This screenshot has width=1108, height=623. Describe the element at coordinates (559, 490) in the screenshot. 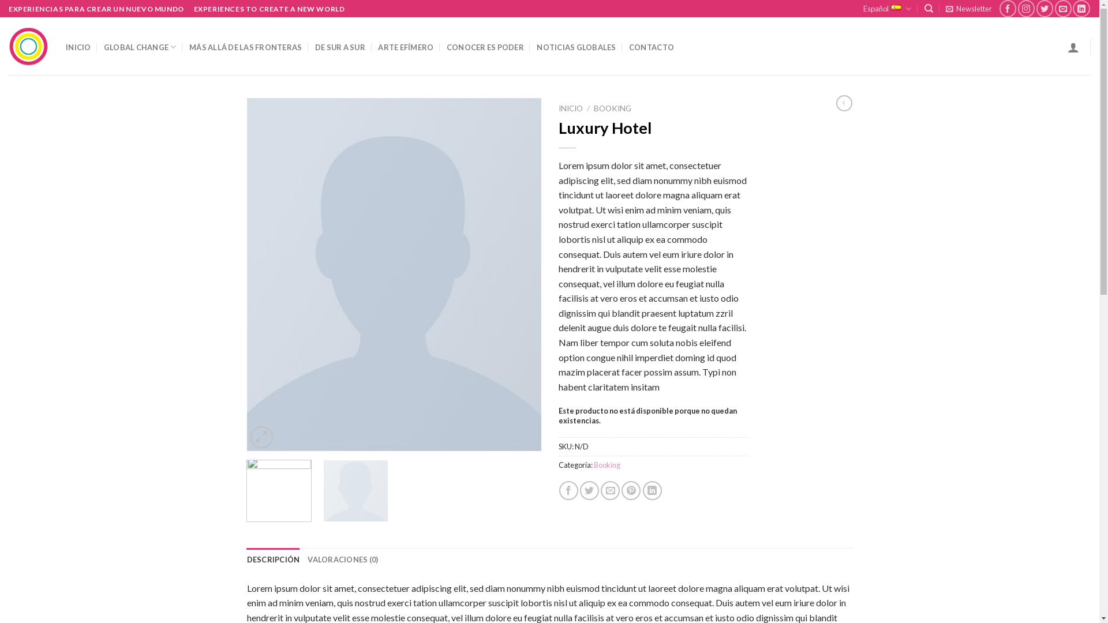

I see `'Compartir en Facebook'` at that location.